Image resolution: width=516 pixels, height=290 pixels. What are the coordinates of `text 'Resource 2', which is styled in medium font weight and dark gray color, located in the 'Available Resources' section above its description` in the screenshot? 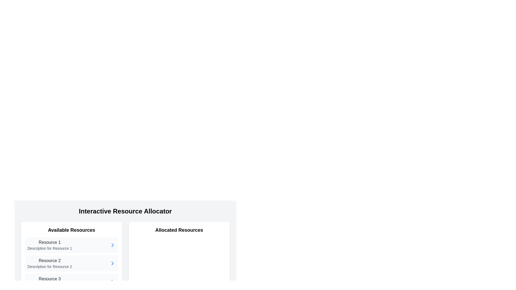 It's located at (49, 260).